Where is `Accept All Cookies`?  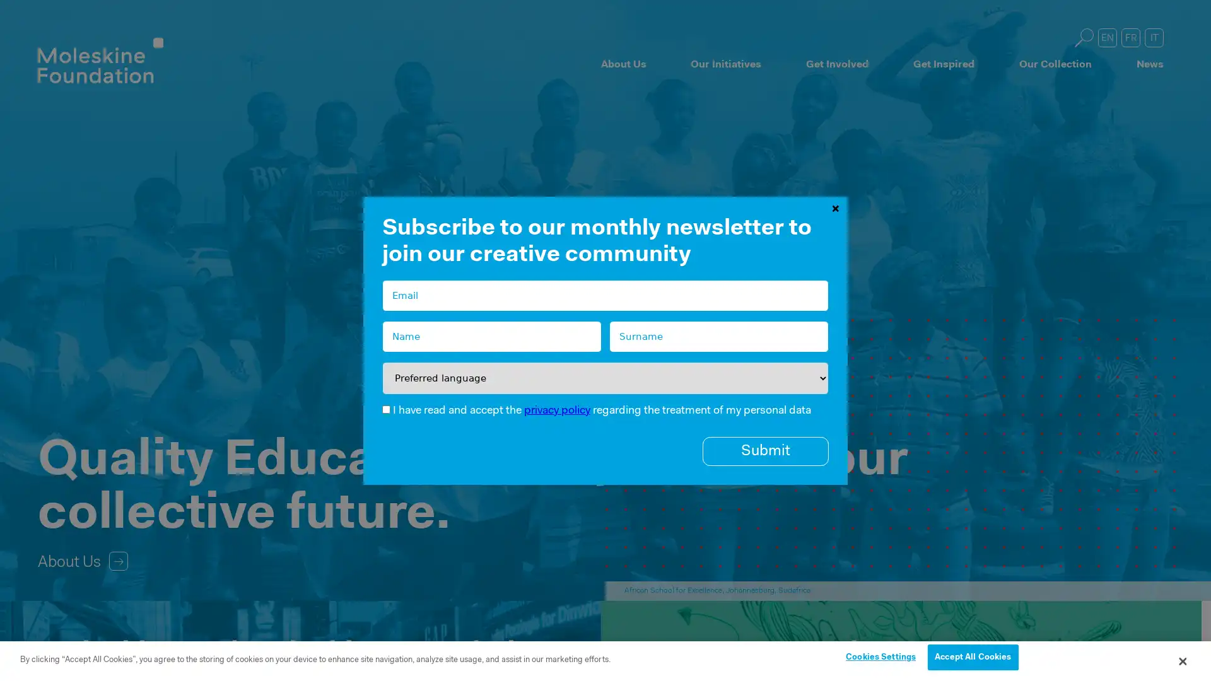
Accept All Cookies is located at coordinates (972, 656).